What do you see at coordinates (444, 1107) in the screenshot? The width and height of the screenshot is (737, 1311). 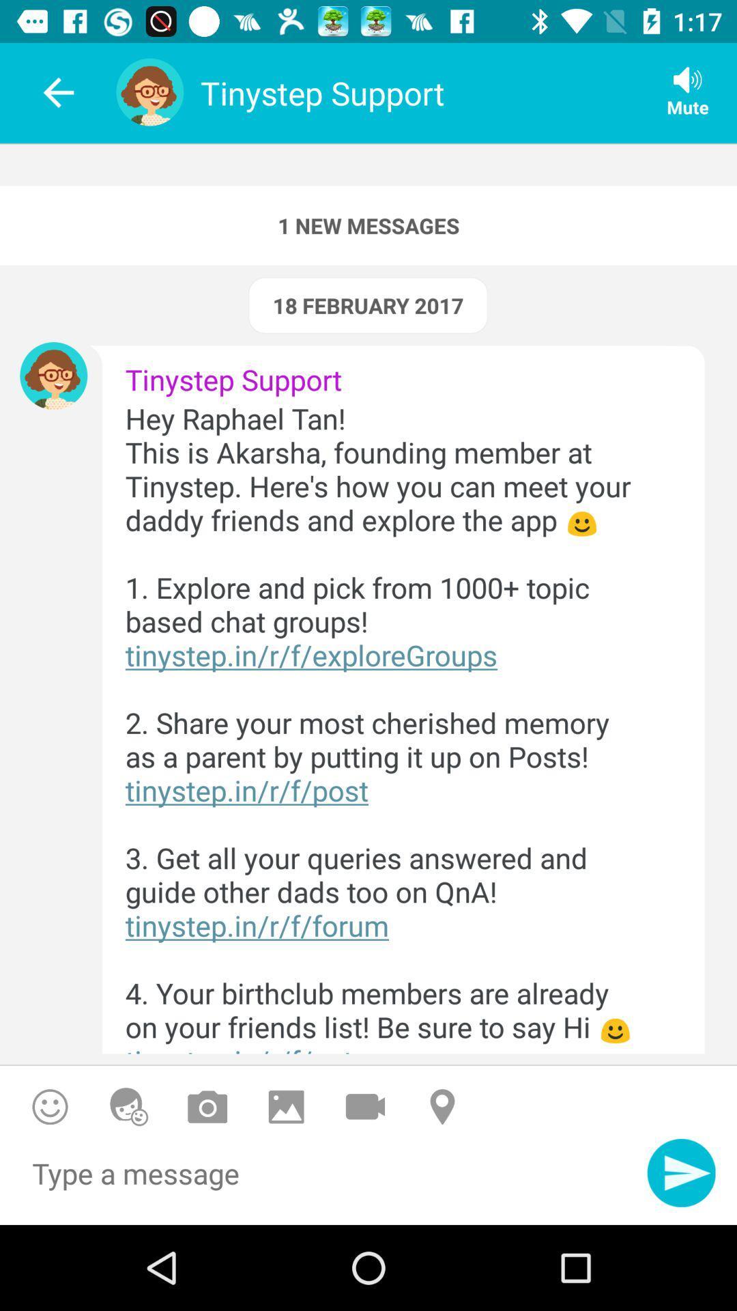 I see `the location icon` at bounding box center [444, 1107].